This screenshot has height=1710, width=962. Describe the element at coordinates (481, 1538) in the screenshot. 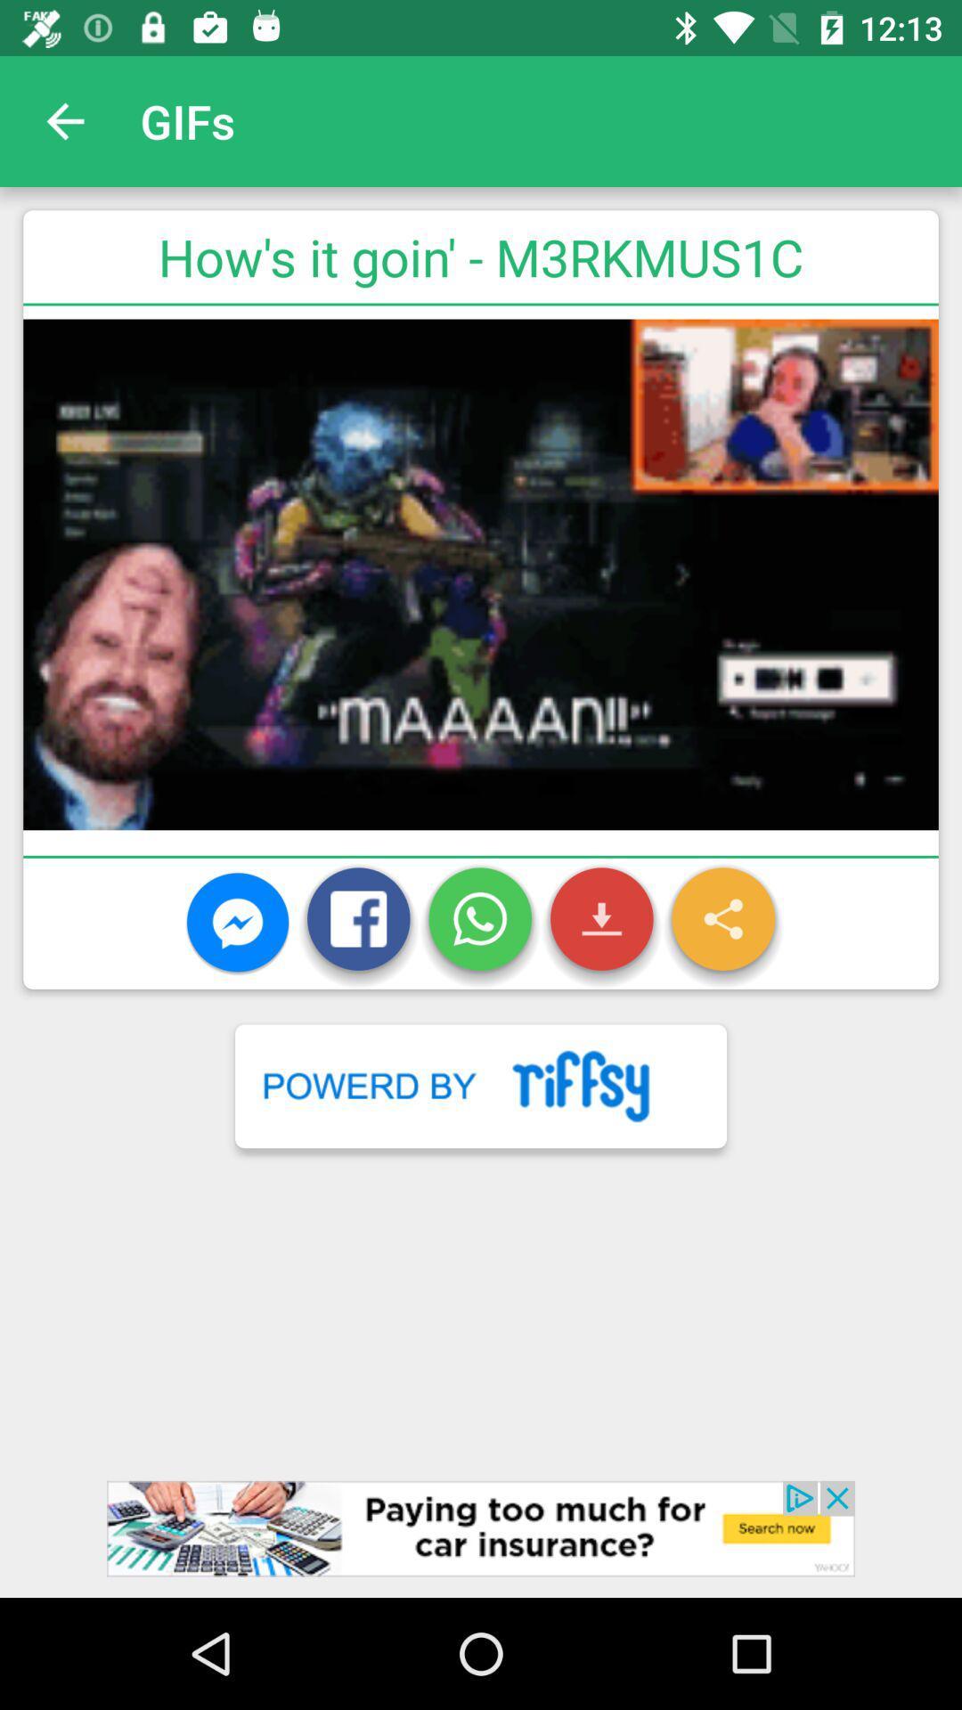

I see `the advertisement` at that location.